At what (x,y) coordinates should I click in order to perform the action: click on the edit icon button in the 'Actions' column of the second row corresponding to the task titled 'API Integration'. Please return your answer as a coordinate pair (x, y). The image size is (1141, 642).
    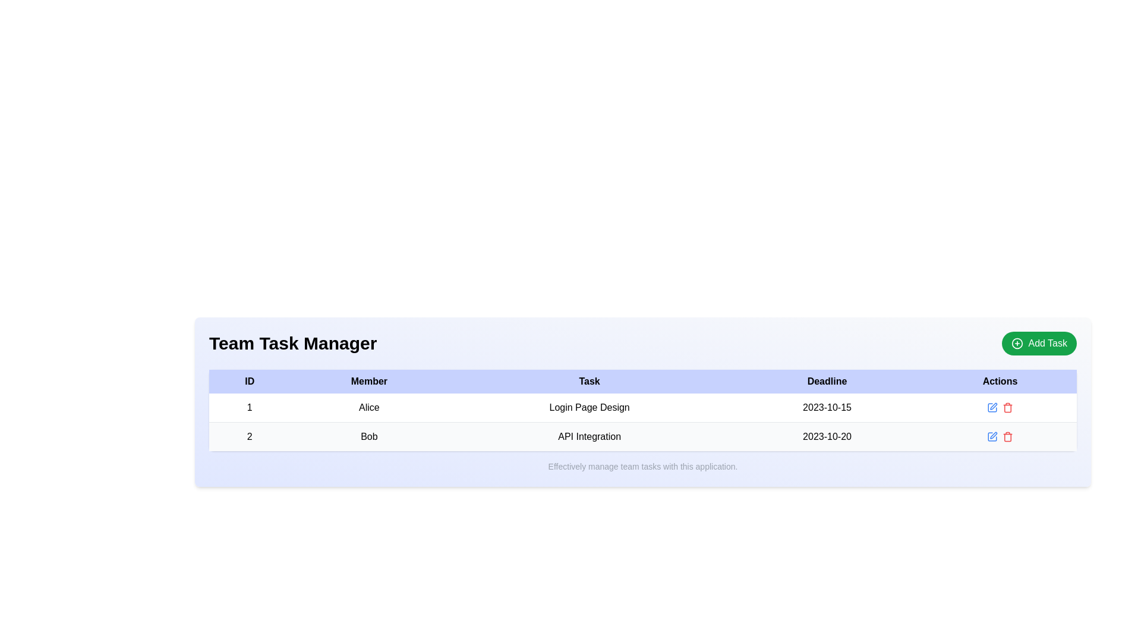
    Looking at the image, I should click on (994, 435).